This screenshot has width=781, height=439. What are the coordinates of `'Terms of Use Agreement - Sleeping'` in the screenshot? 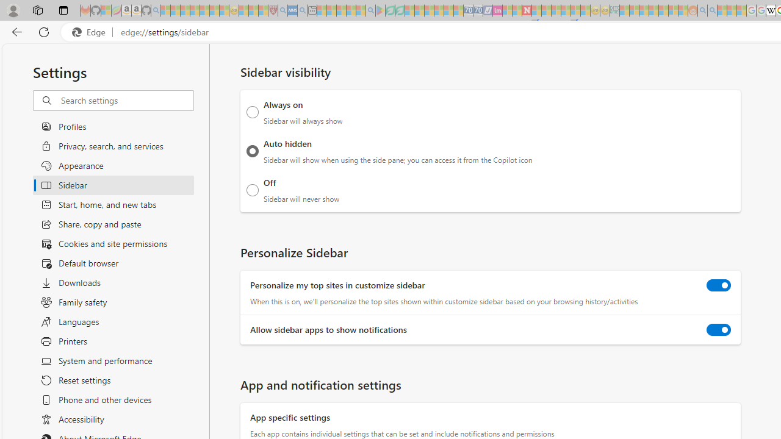 It's located at (389, 10).